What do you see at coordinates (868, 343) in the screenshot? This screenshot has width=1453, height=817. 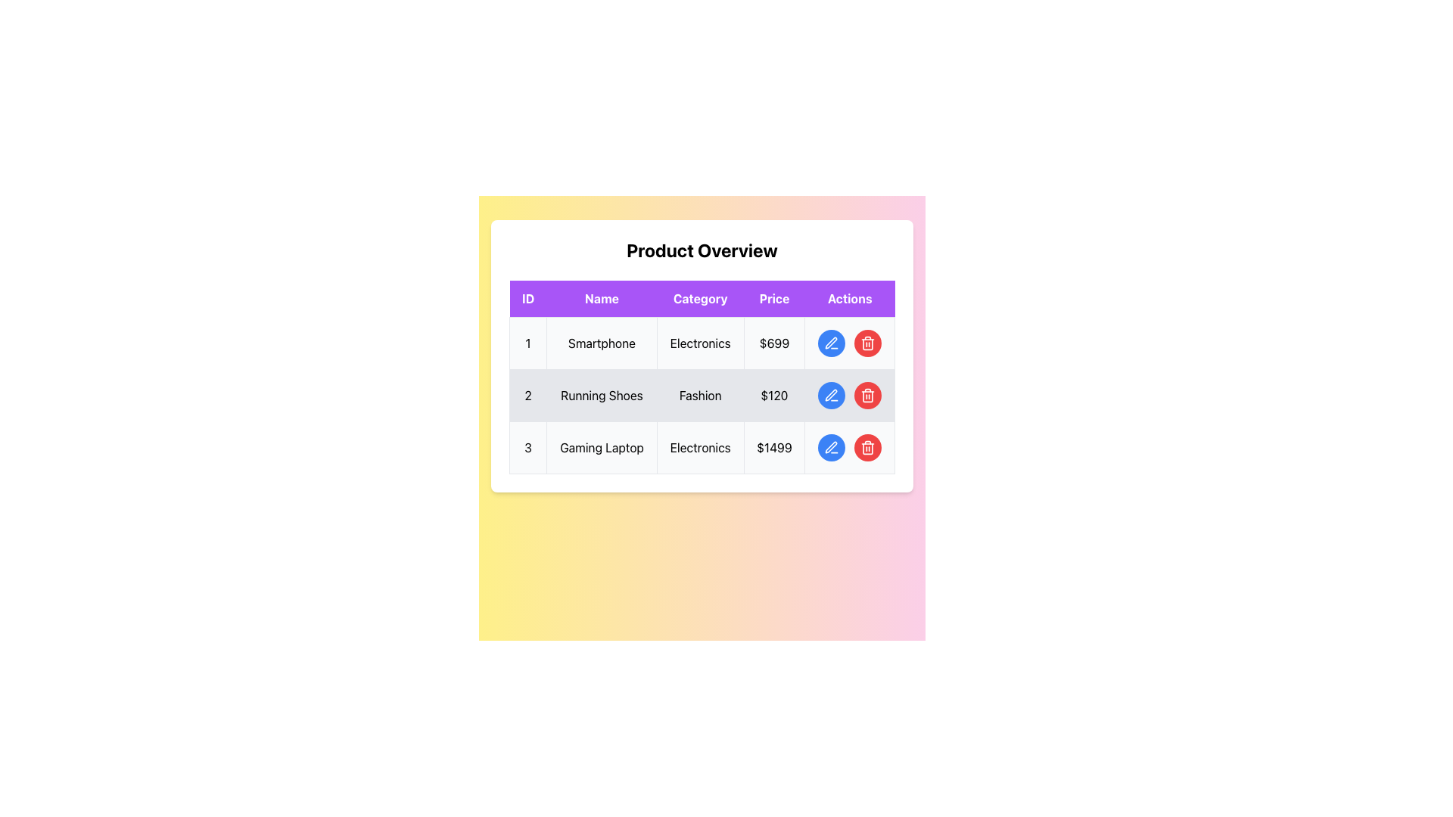 I see `the trash bin icon located in the 'Actions' column of the third row in the product overview table` at bounding box center [868, 343].